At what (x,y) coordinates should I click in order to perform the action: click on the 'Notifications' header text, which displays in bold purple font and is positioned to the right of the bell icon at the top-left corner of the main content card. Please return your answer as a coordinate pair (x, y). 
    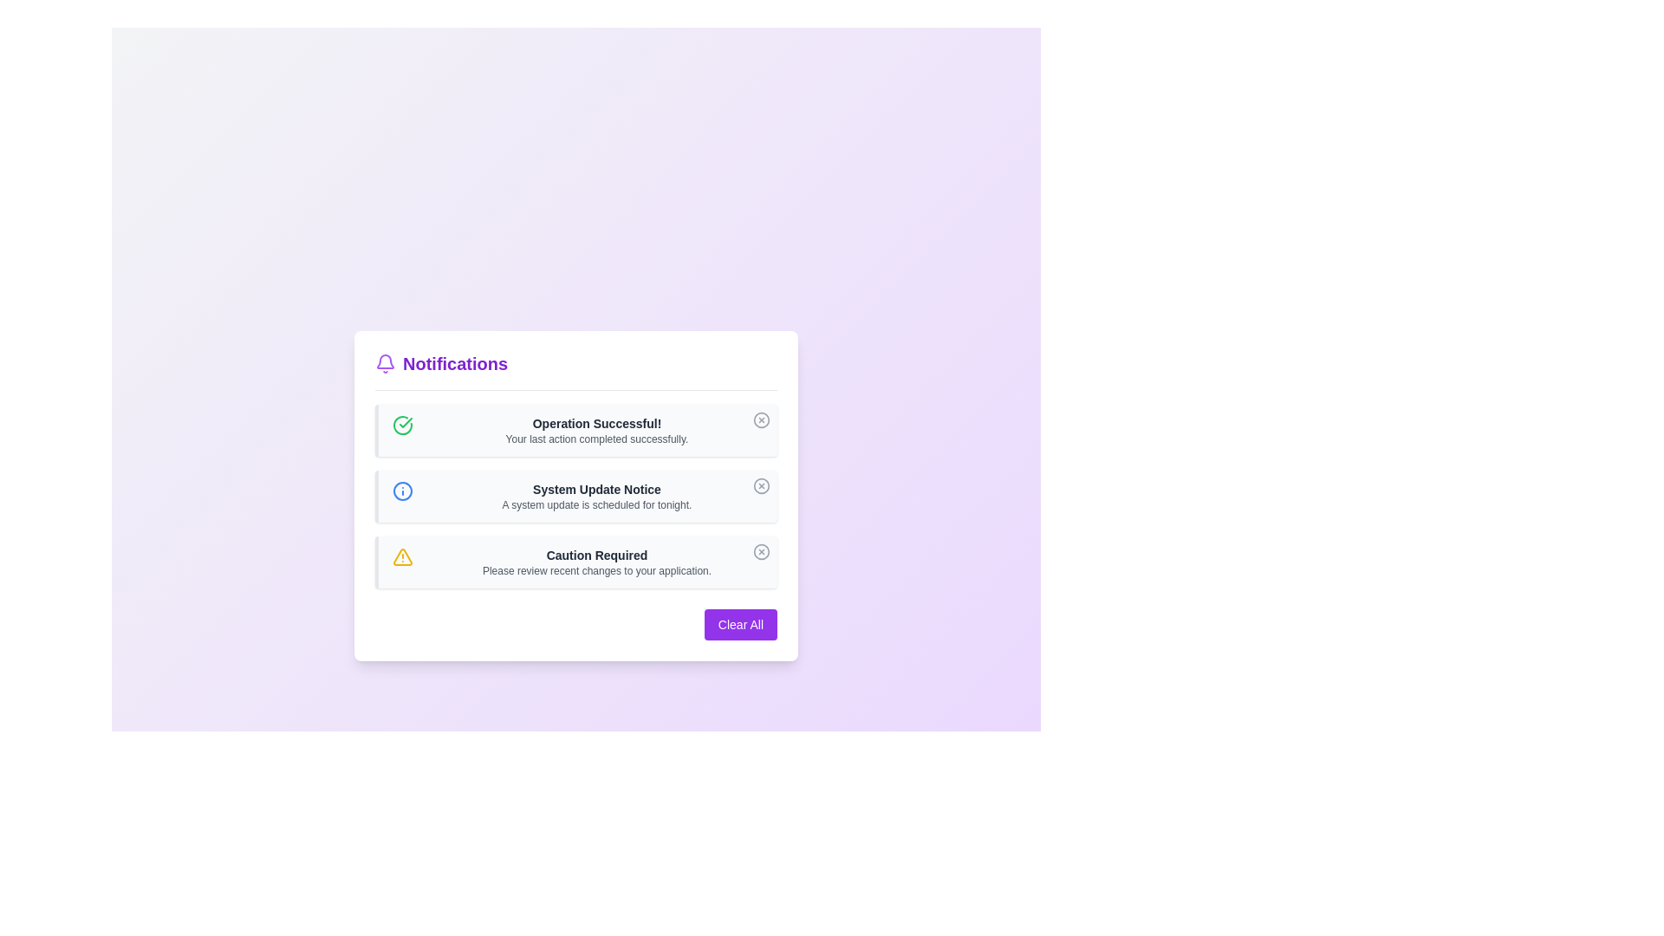
    Looking at the image, I should click on (455, 362).